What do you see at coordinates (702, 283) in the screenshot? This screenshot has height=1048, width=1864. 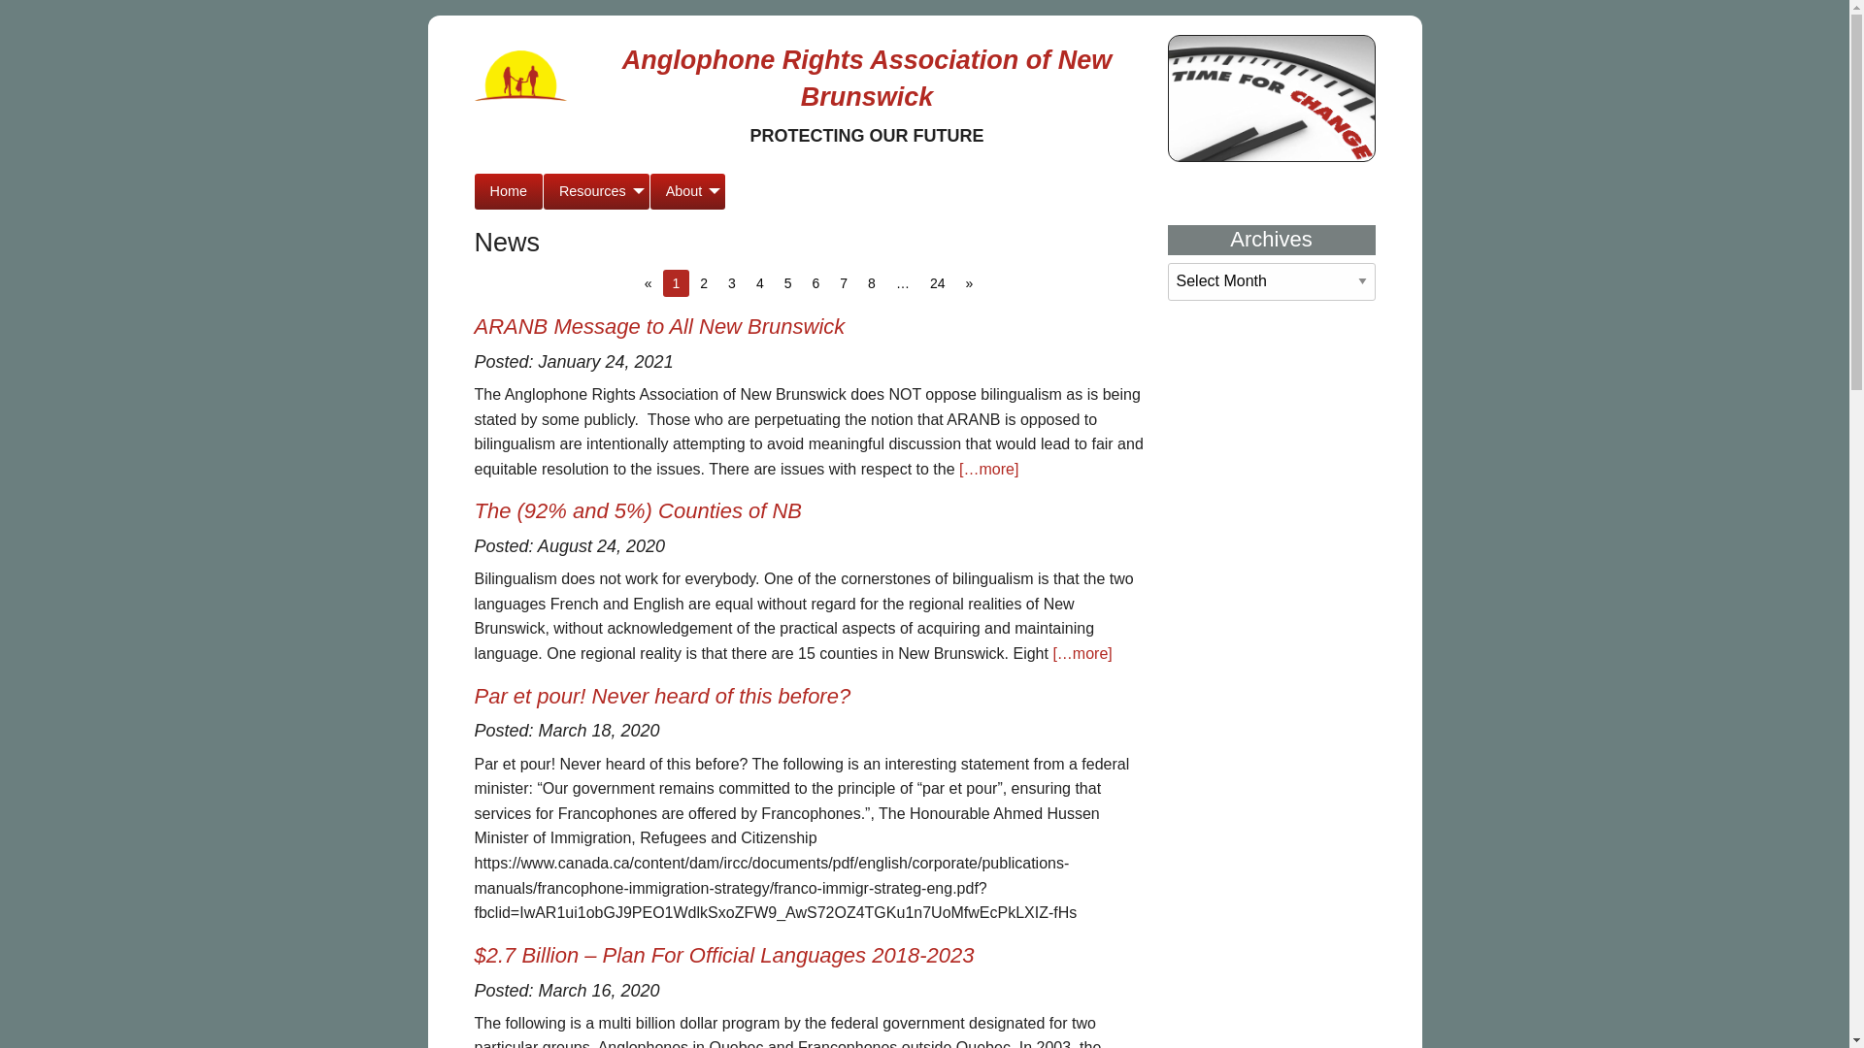 I see `'2'` at bounding box center [702, 283].